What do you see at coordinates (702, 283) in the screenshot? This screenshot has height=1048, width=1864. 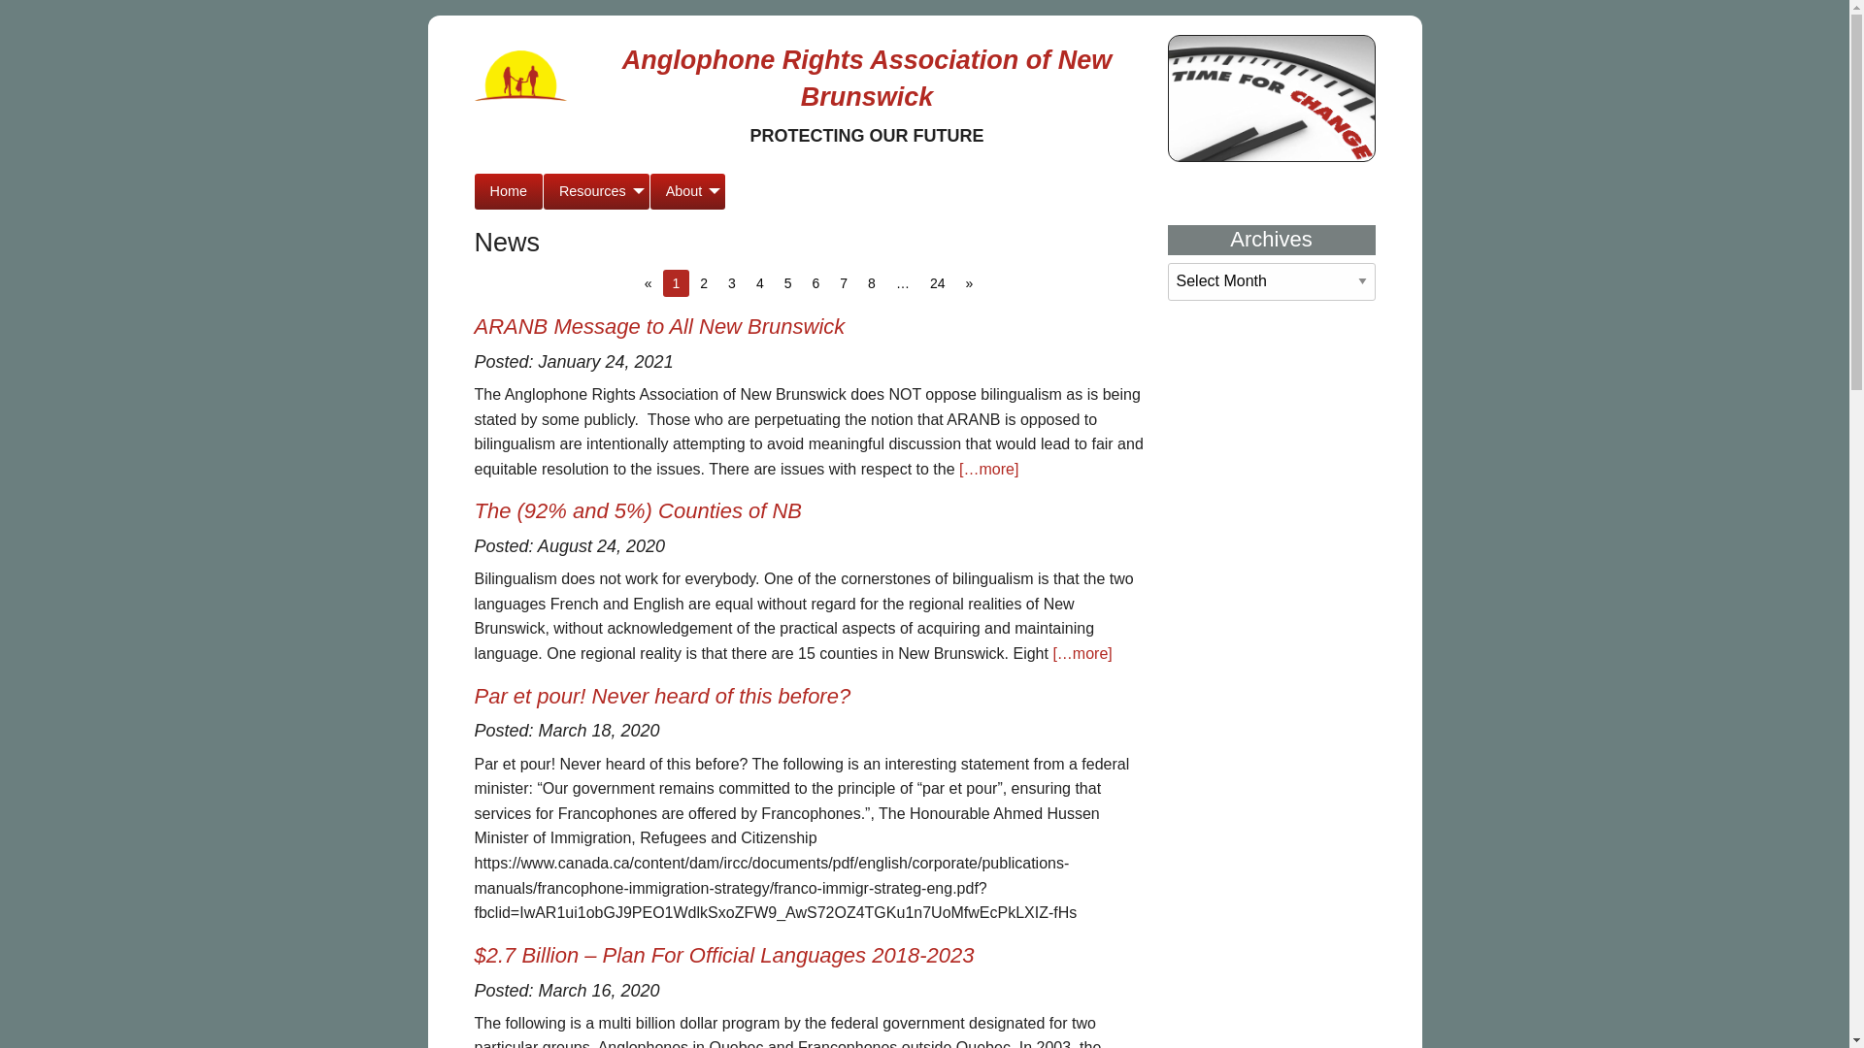 I see `'2'` at bounding box center [702, 283].